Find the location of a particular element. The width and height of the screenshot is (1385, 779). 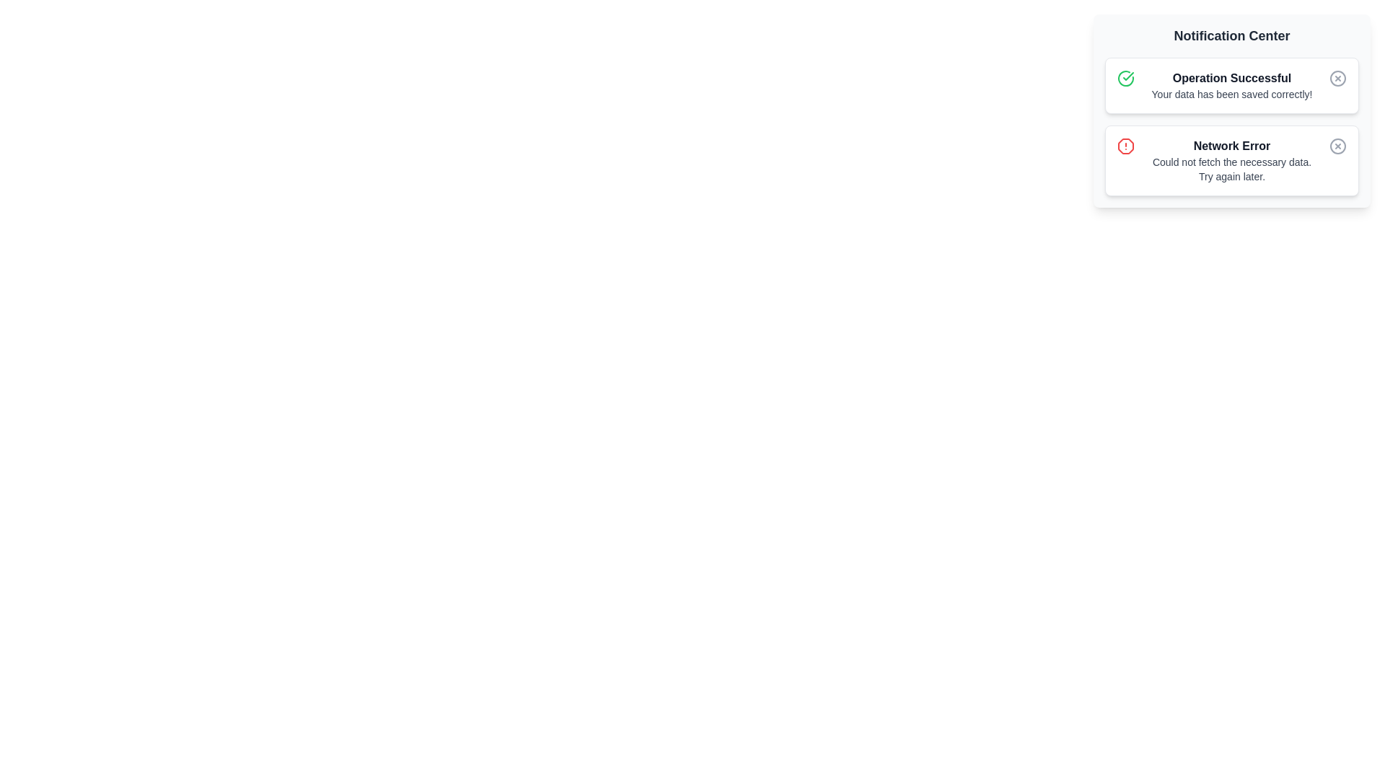

message displayed in the text label located below the 'Network Error' header in the notification card on the right side of the interface is located at coordinates (1231, 169).